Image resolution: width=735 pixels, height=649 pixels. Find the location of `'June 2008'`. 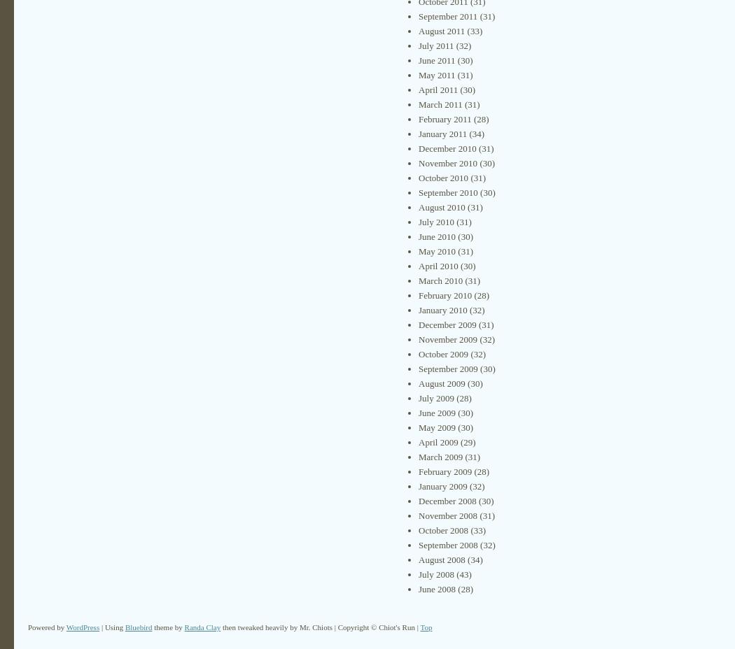

'June 2008' is located at coordinates (437, 589).